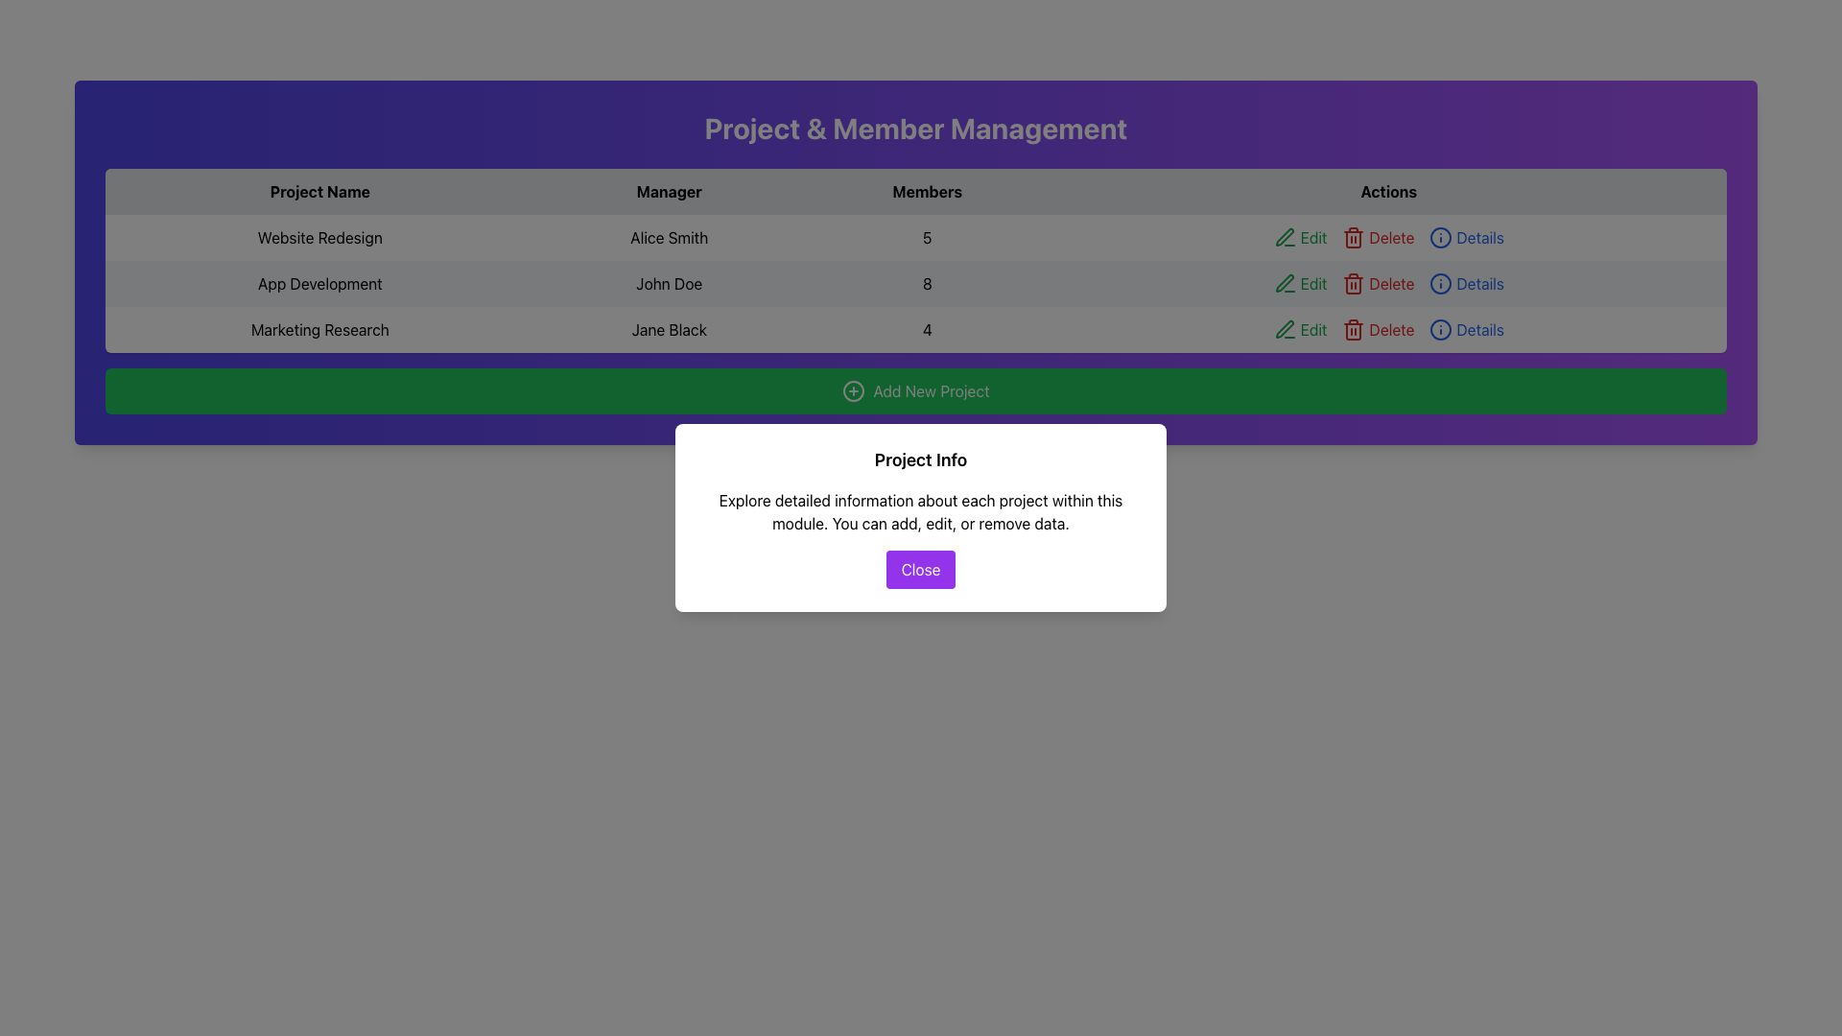 The height and width of the screenshot is (1036, 1842). I want to click on the green pen icon representing the edit action located in the third row of the 'Actions' column, so click(1285, 328).